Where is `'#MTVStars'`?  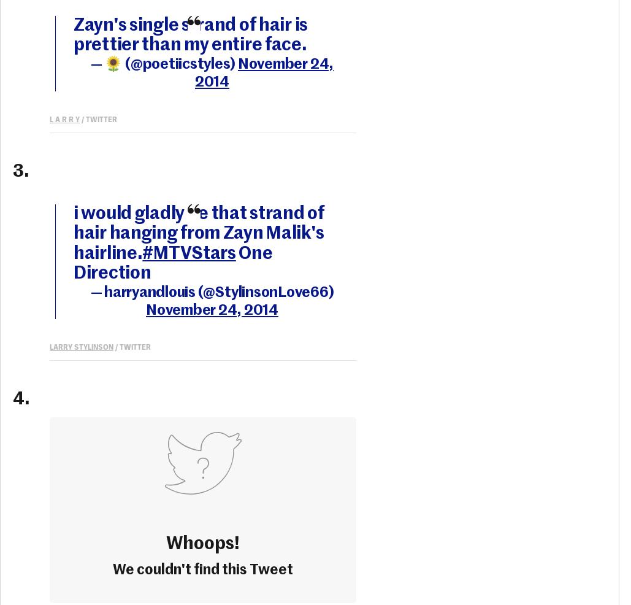 '#MTVStars' is located at coordinates (188, 253).